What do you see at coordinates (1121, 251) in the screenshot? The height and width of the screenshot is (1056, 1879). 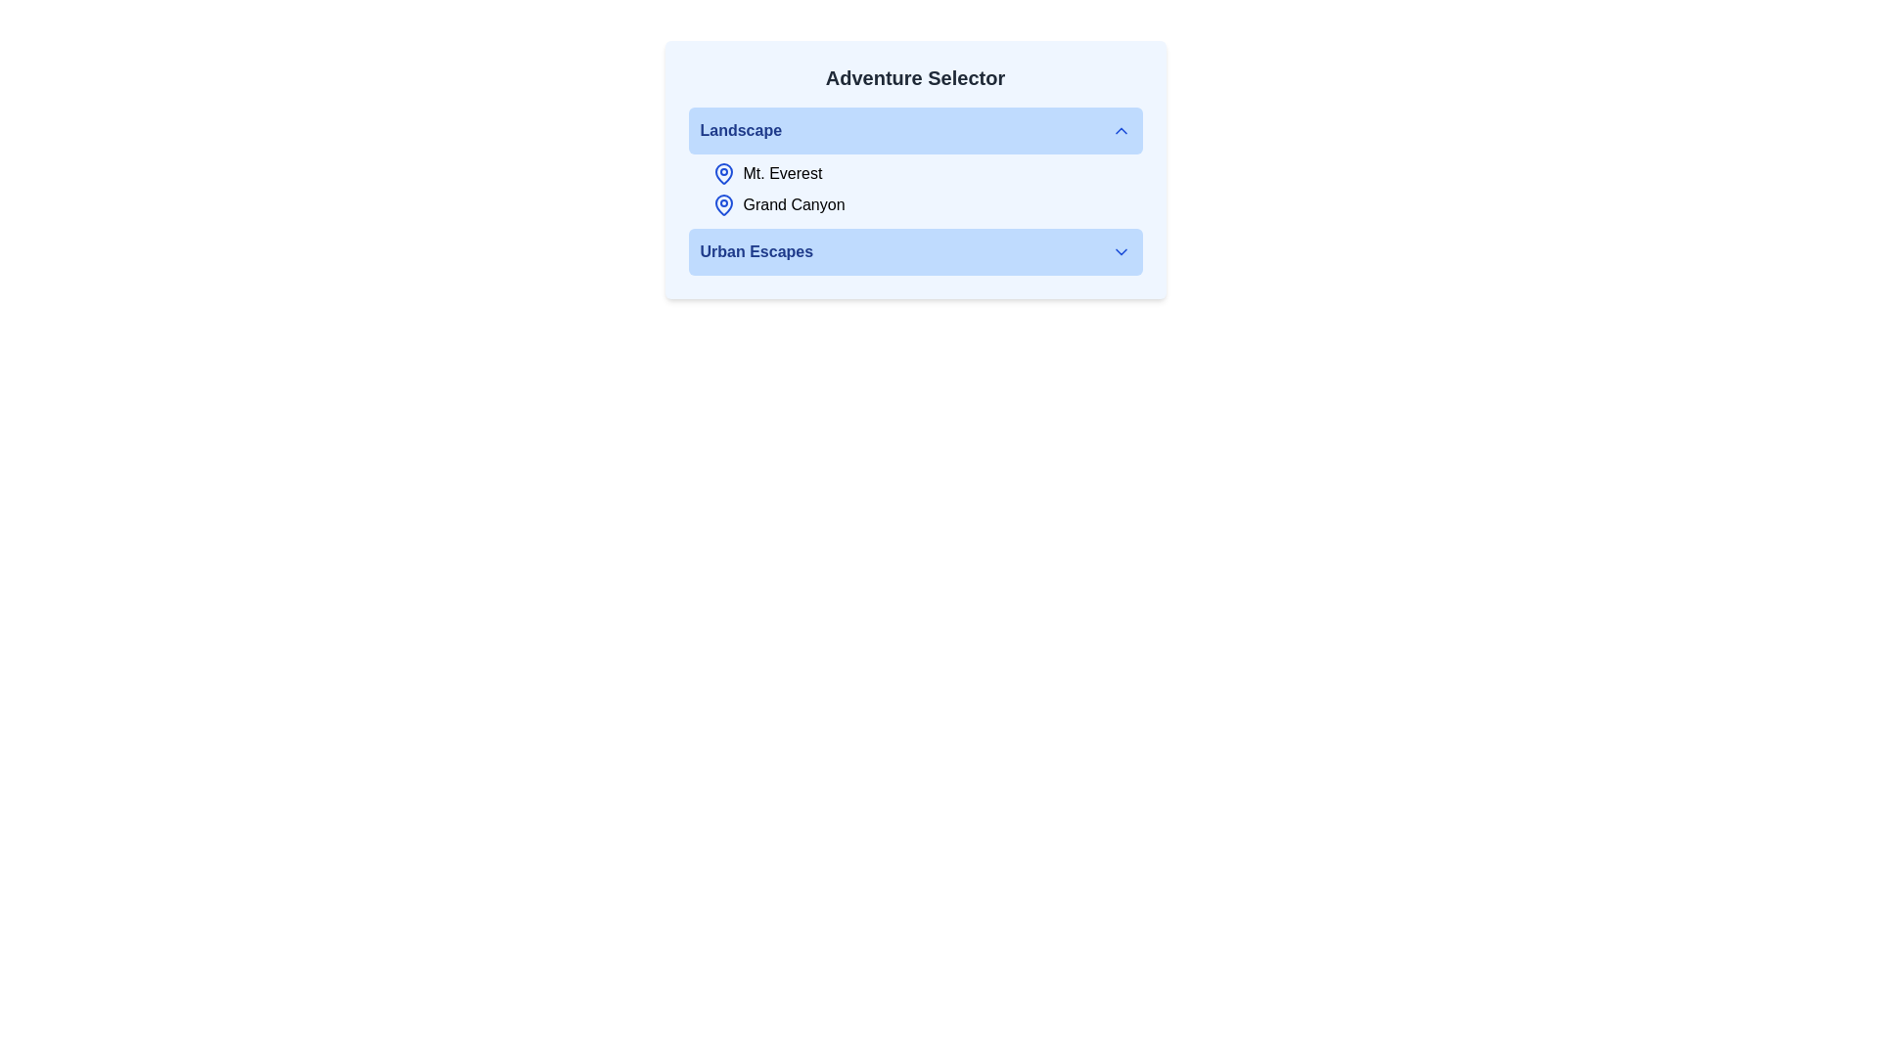 I see `the chevron-down icon on the right side of the 'Urban Escapes' button` at bounding box center [1121, 251].